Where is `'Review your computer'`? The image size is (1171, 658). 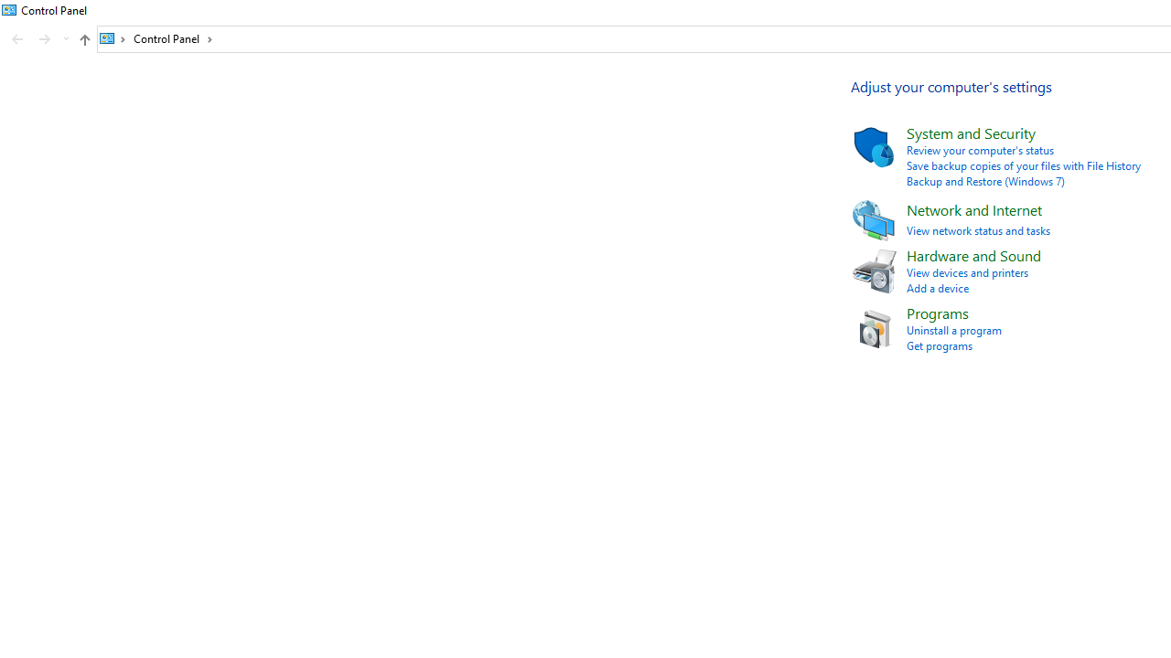 'Review your computer' is located at coordinates (980, 149).